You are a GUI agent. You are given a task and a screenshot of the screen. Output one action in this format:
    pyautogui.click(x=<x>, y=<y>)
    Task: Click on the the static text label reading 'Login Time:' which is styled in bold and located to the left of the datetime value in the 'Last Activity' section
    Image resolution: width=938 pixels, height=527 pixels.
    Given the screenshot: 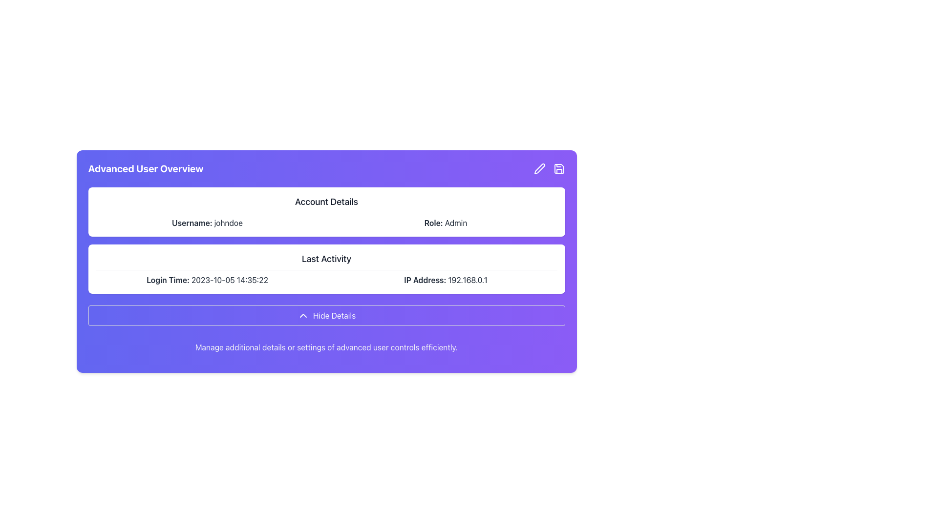 What is the action you would take?
    pyautogui.click(x=169, y=280)
    